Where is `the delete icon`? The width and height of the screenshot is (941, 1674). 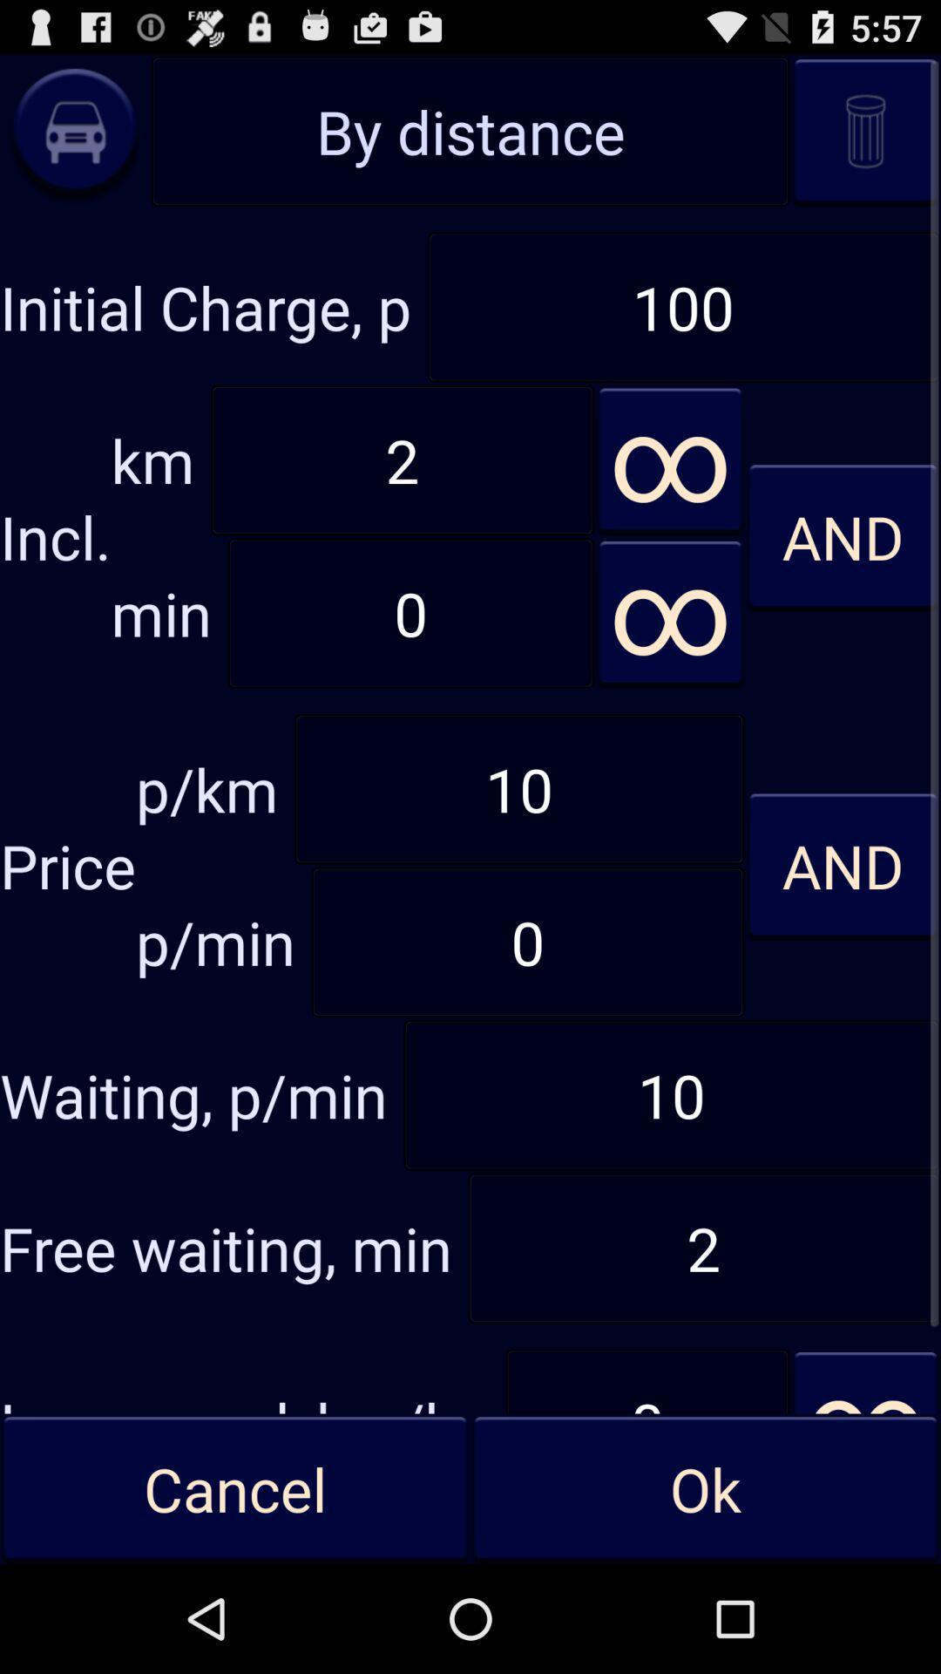
the delete icon is located at coordinates (865, 140).